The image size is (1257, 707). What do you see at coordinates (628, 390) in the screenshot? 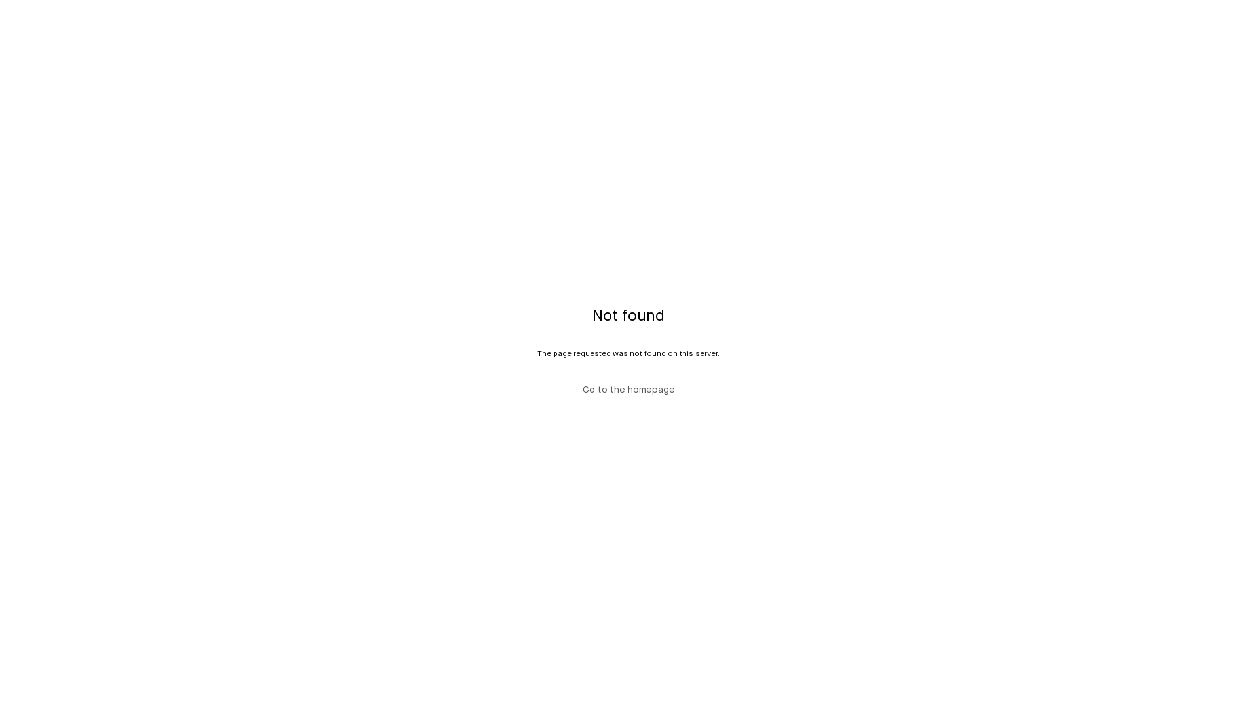
I see `'Go to the homepage'` at bounding box center [628, 390].